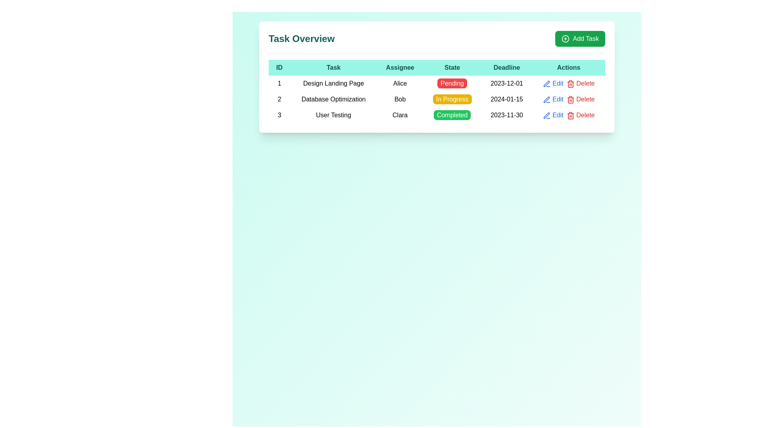  What do you see at coordinates (452, 99) in the screenshot?
I see `the Badge or Label that indicates the progress state of the 'Database Optimization' task assigned to 'Bob' in the 'State' column of the second row in the 'Task Overview' section` at bounding box center [452, 99].